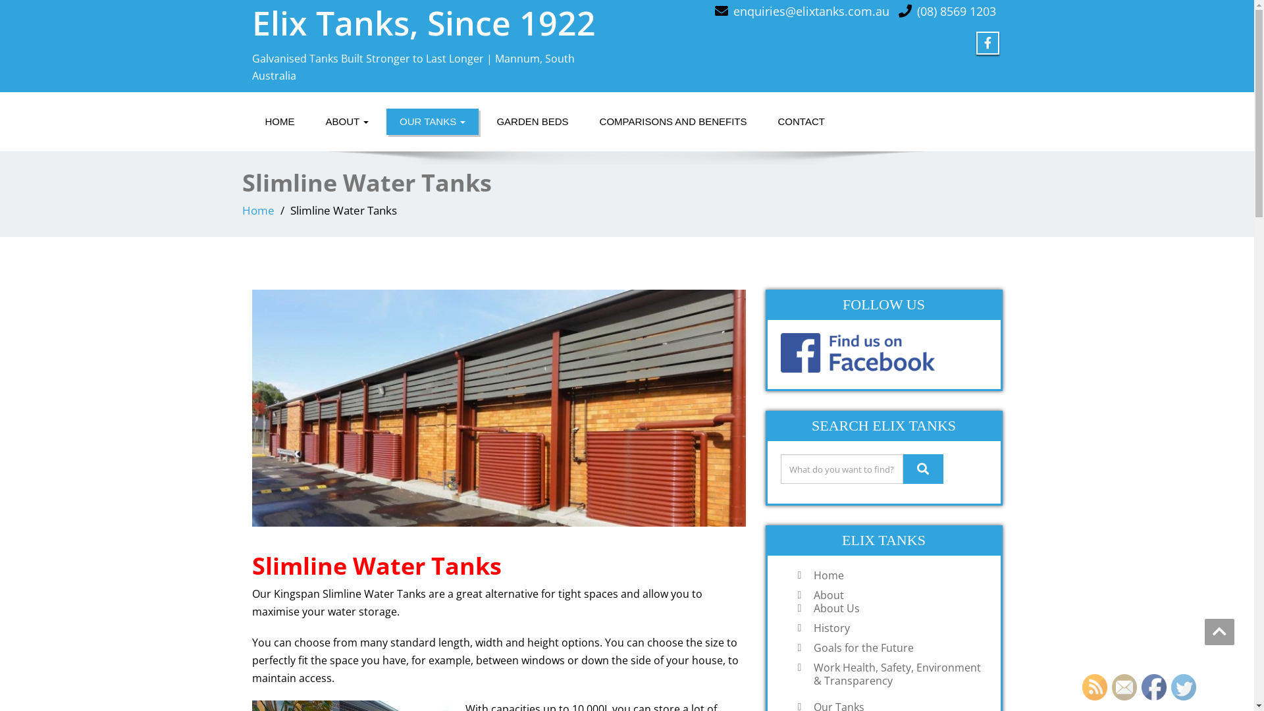 The image size is (1264, 711). I want to click on 'CONTACT', so click(801, 122).